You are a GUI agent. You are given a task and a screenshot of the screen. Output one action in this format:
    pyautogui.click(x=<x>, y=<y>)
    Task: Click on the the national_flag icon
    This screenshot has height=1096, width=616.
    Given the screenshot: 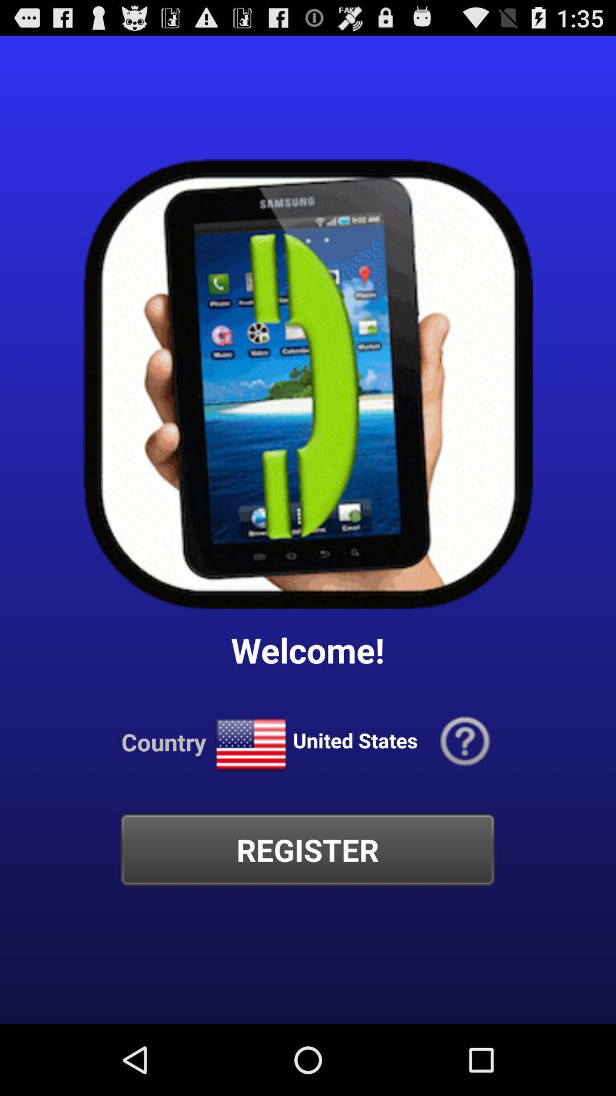 What is the action you would take?
    pyautogui.click(x=250, y=796)
    